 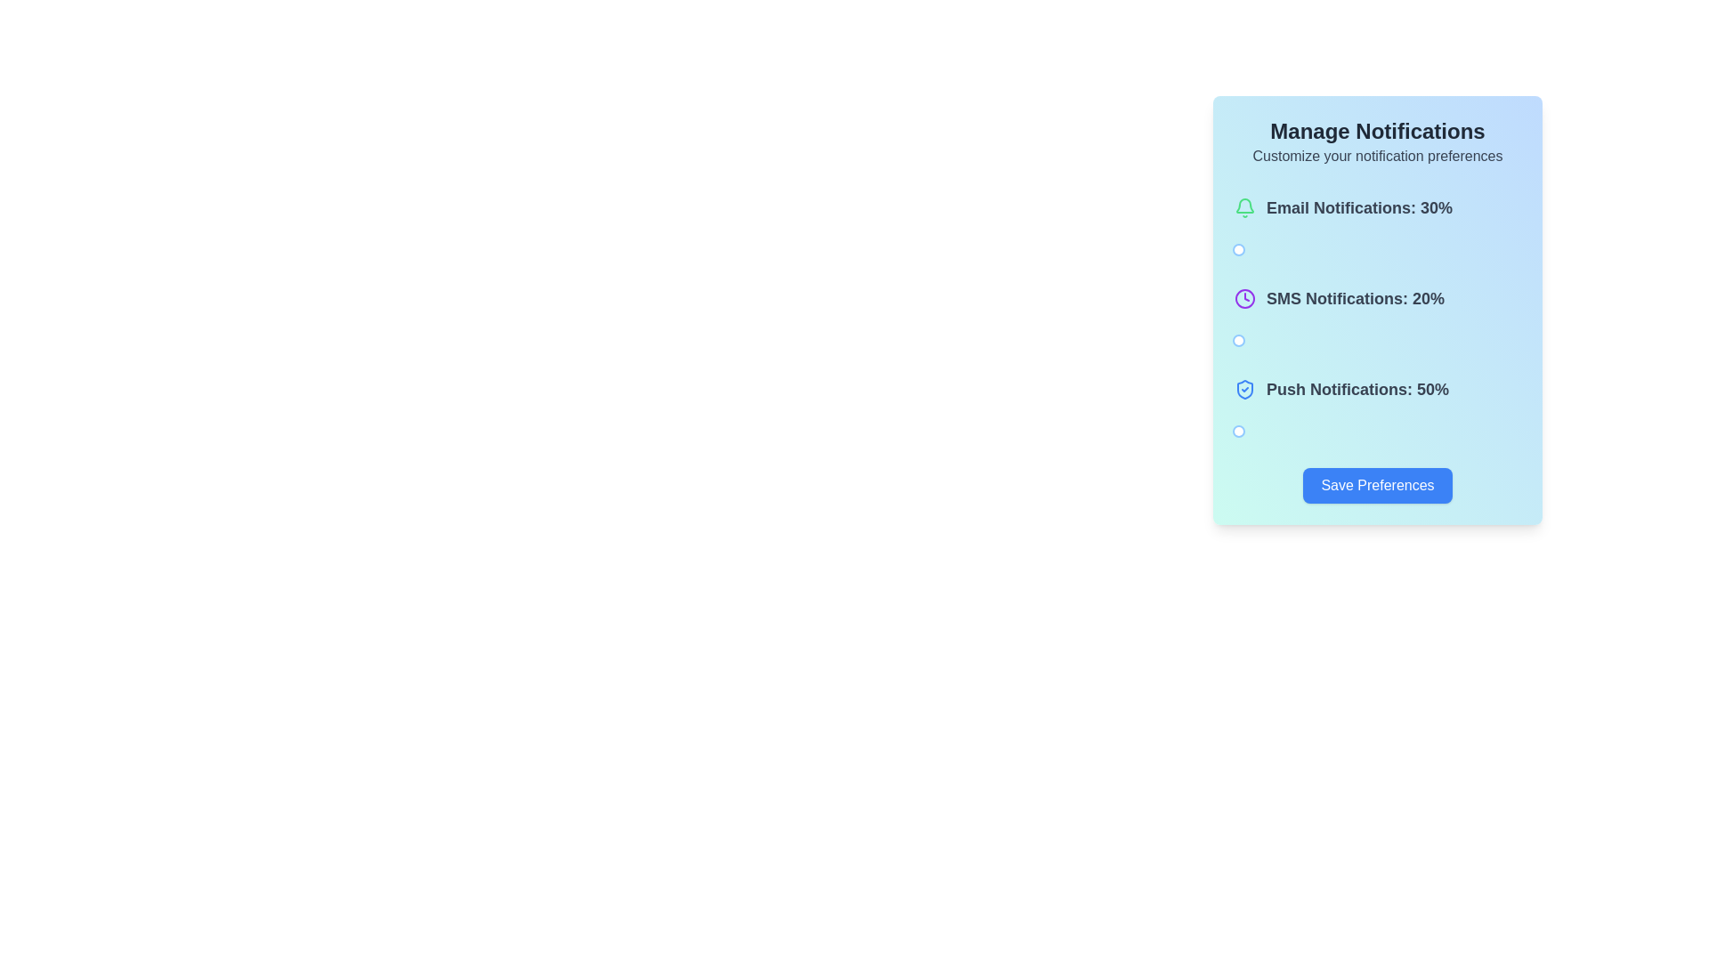 I want to click on the shield icon representing the security aspect of the Push Notifications feature, which is the outermost shape located third among the notification preferences, so click(x=1243, y=389).